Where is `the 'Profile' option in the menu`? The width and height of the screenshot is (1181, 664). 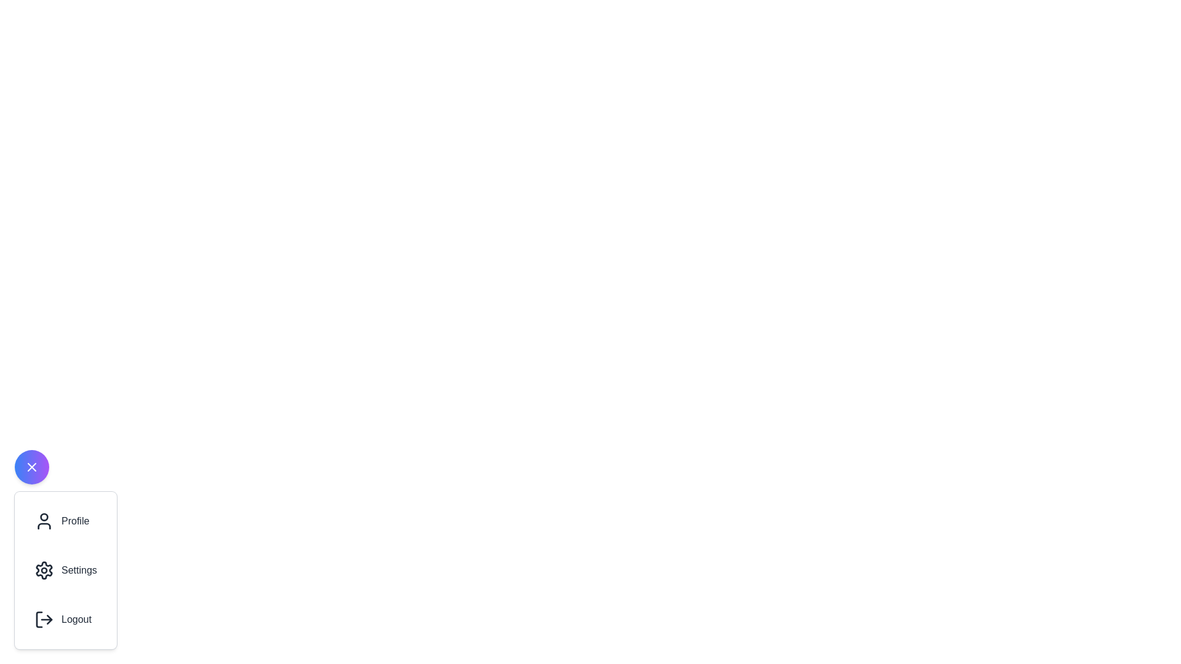 the 'Profile' option in the menu is located at coordinates (64, 521).